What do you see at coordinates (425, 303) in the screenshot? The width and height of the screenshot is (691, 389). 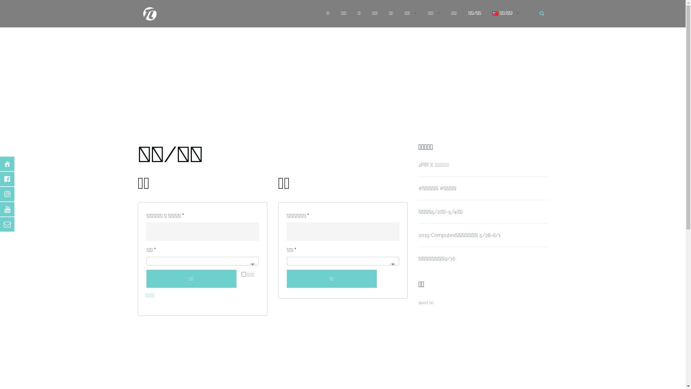 I see `'sport (1)'` at bounding box center [425, 303].